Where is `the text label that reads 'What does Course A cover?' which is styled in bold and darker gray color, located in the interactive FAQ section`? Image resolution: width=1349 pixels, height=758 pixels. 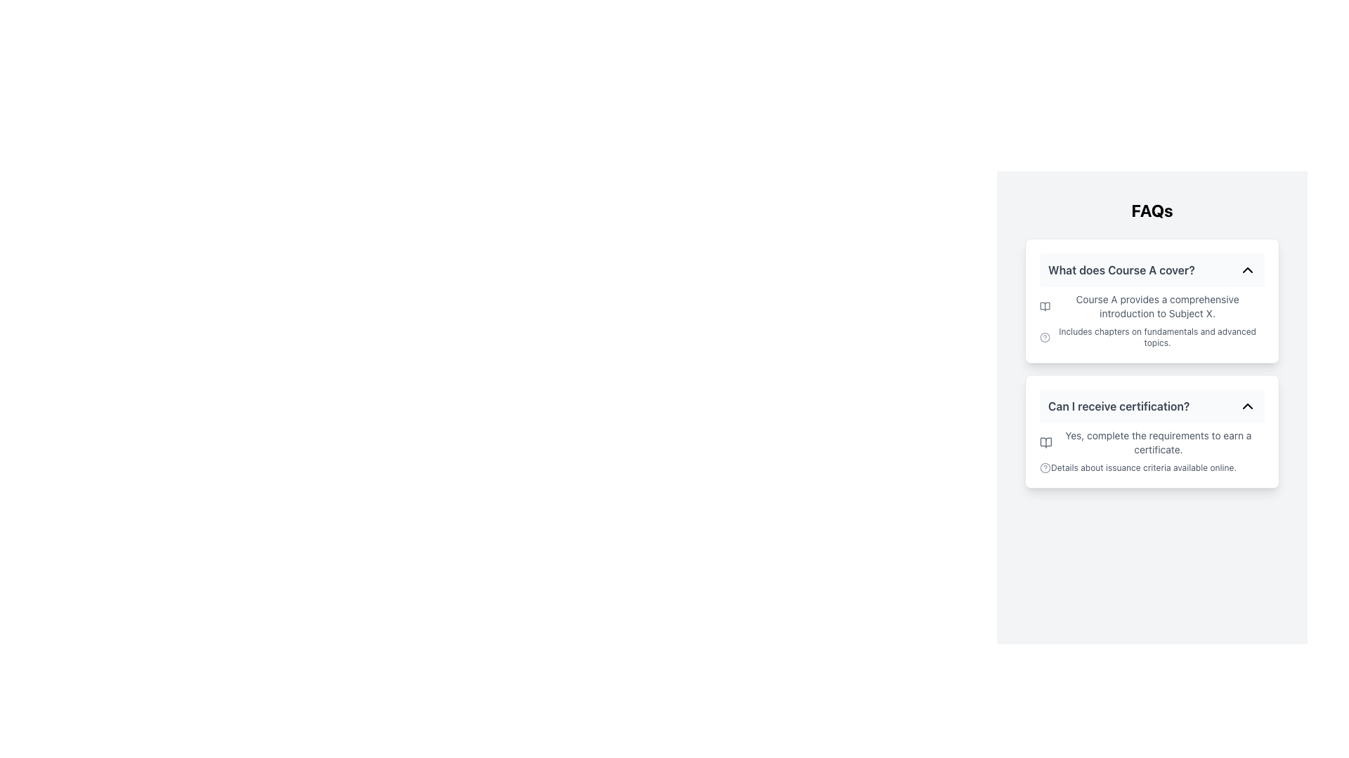 the text label that reads 'What does Course A cover?' which is styled in bold and darker gray color, located in the interactive FAQ section is located at coordinates (1121, 270).